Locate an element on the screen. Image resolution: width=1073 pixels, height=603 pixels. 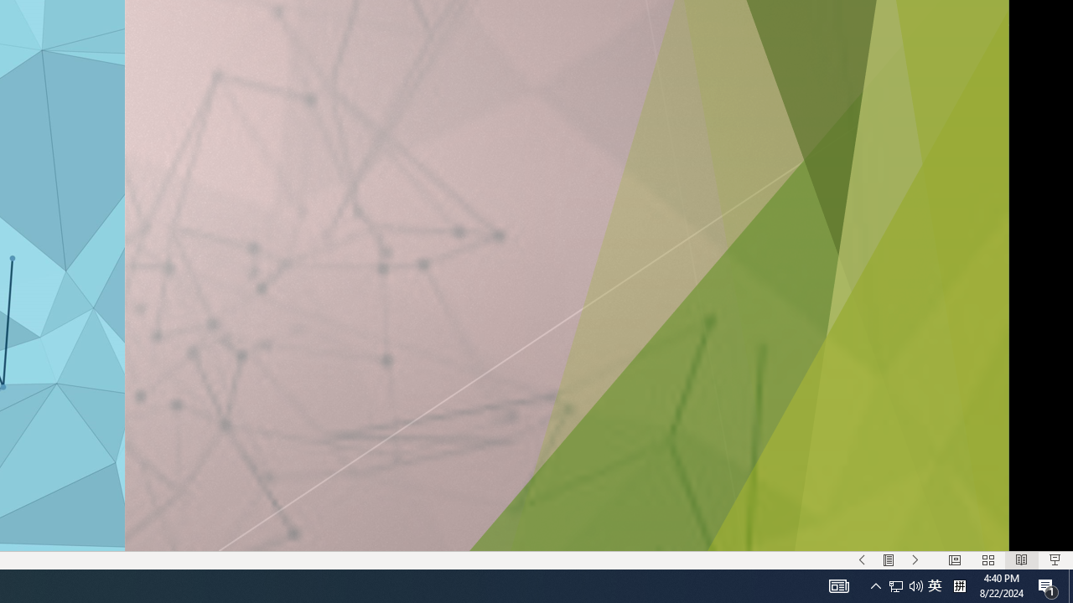
'Menu On' is located at coordinates (888, 560).